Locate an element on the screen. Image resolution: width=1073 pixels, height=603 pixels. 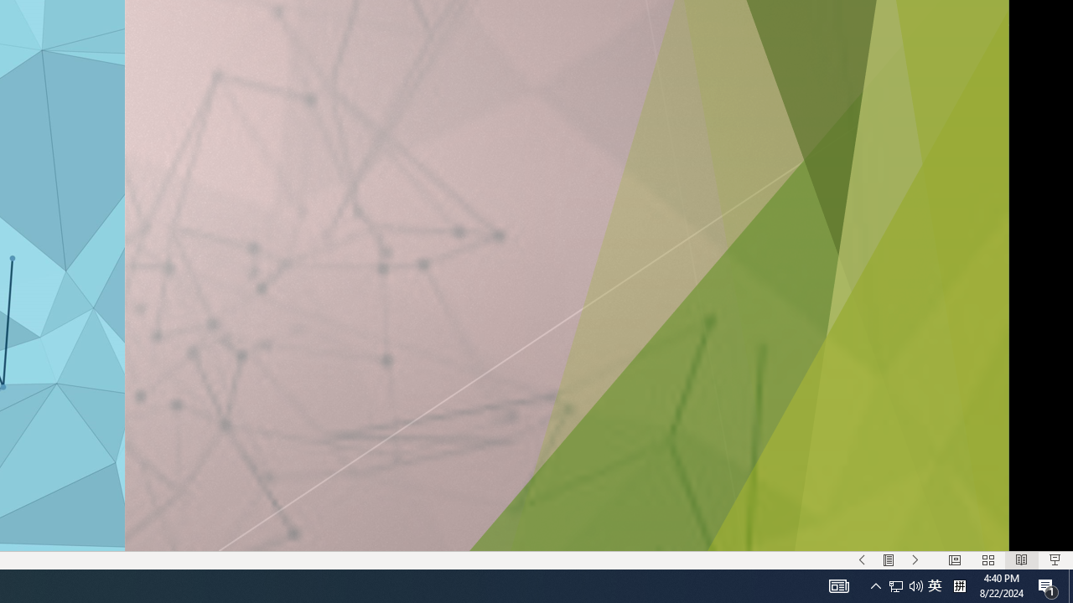
'Menu On' is located at coordinates (888, 560).